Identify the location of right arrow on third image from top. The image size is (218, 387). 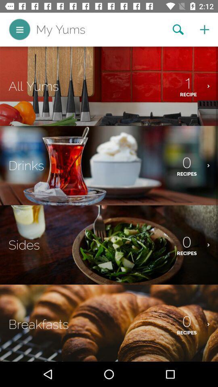
(212, 244).